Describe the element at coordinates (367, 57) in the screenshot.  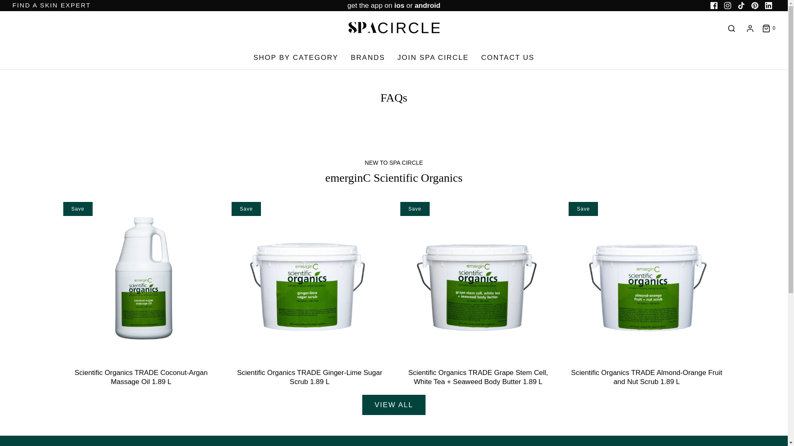
I see `'BRANDS'` at that location.